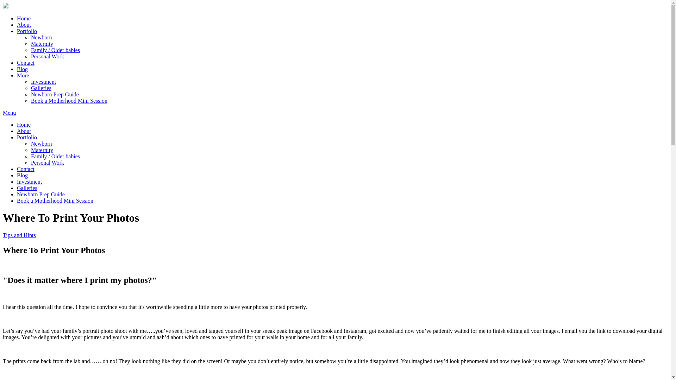  I want to click on 'Blog', so click(17, 69).